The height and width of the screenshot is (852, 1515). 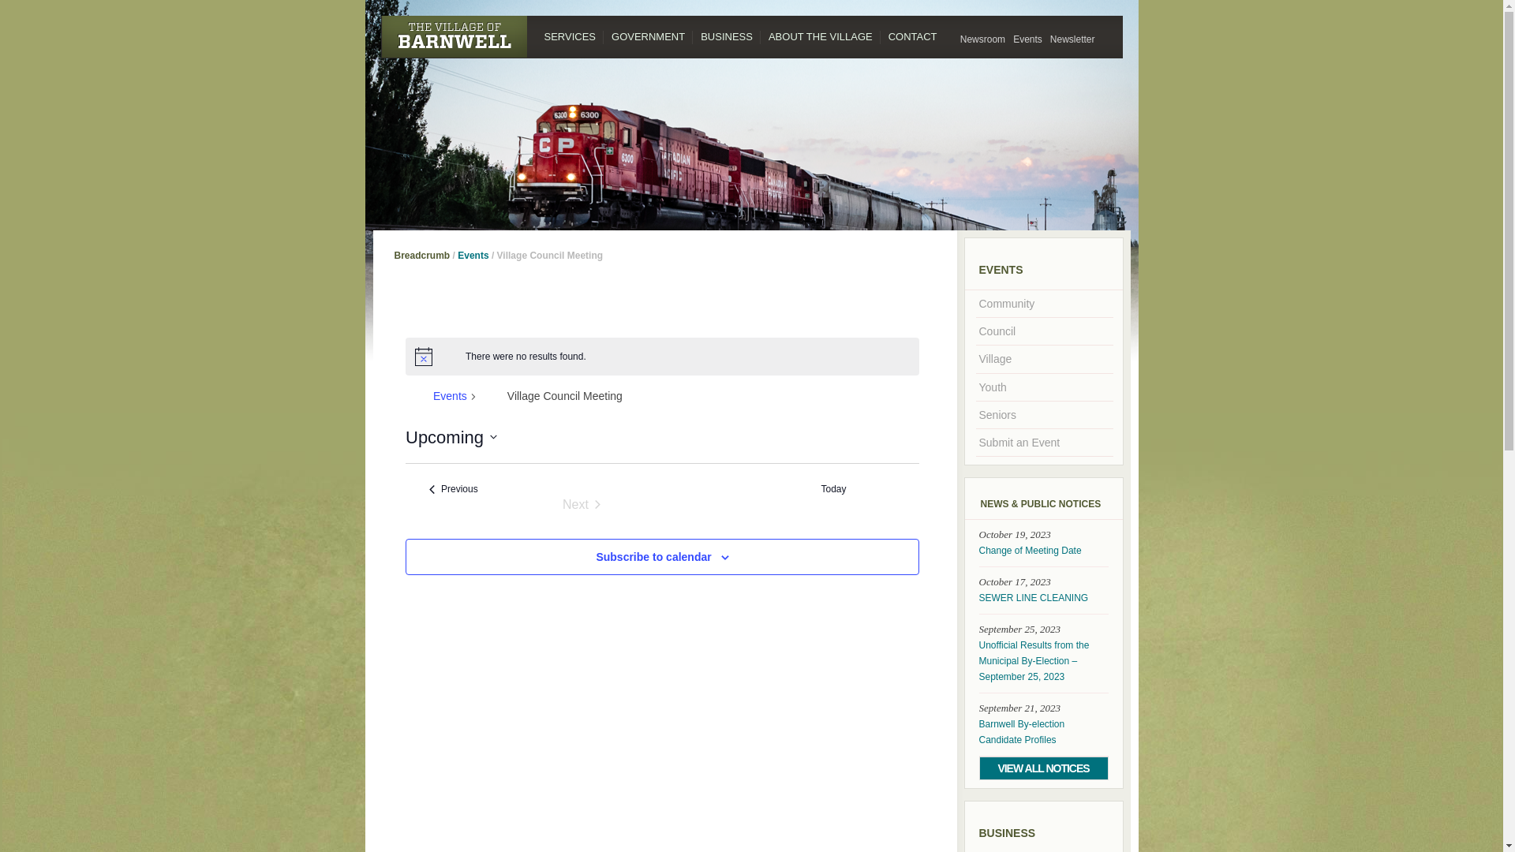 I want to click on 'ABOUT THE VILLAGE', so click(x=761, y=35).